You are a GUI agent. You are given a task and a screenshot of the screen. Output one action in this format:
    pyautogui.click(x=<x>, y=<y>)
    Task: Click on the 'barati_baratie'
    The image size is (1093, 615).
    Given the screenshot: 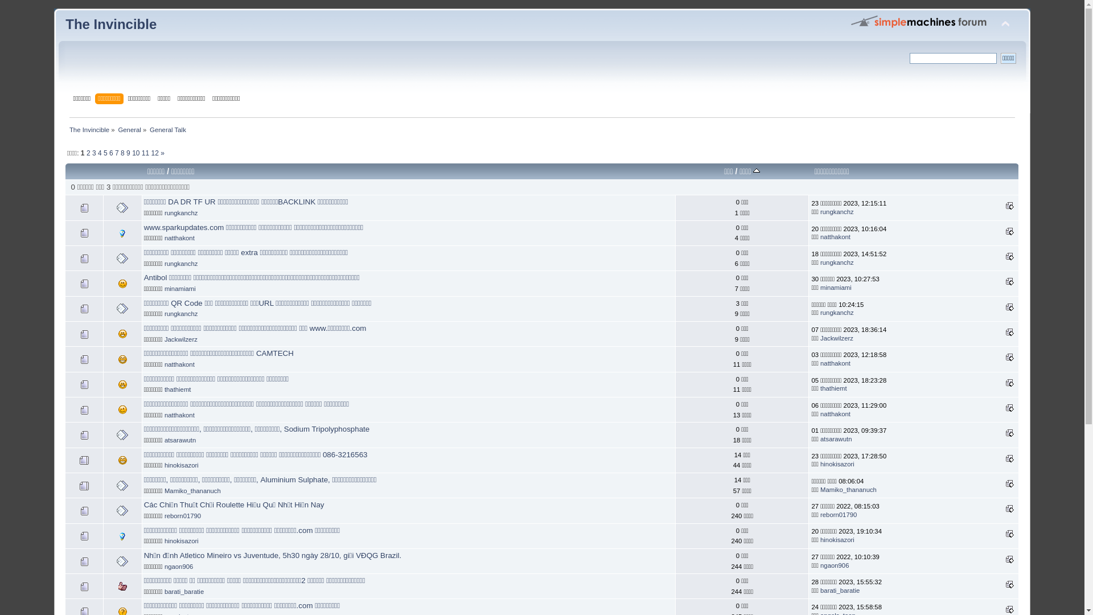 What is the action you would take?
    pyautogui.click(x=820, y=590)
    